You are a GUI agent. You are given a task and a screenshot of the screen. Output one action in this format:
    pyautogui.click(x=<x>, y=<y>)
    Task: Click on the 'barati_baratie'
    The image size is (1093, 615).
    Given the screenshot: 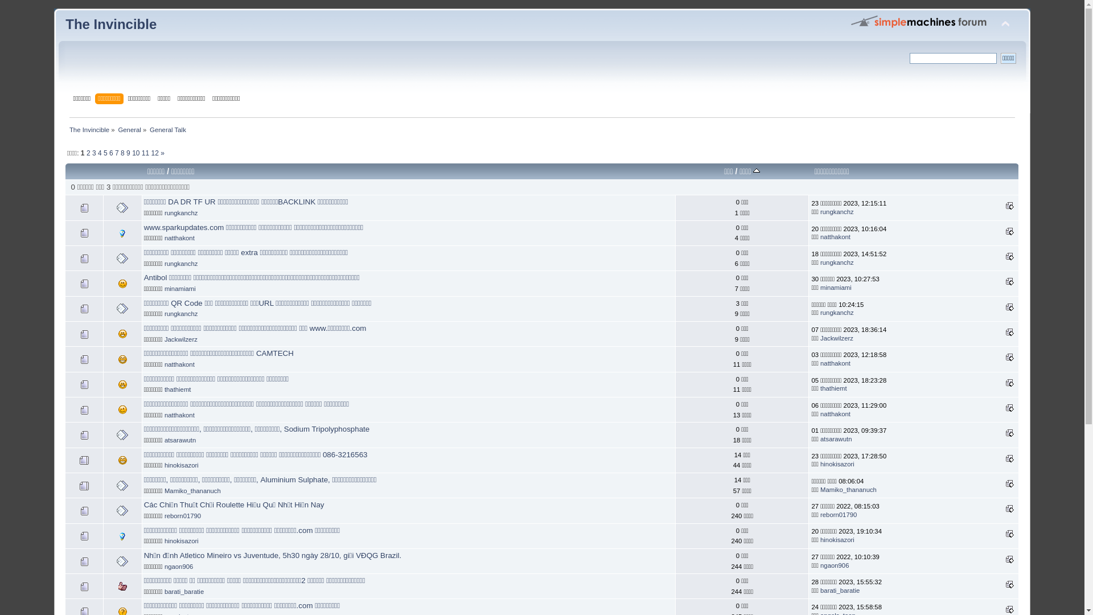 What is the action you would take?
    pyautogui.click(x=820, y=590)
    